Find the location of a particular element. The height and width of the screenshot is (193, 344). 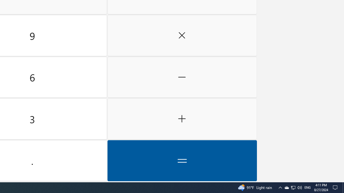

'Multiply by' is located at coordinates (182, 36).